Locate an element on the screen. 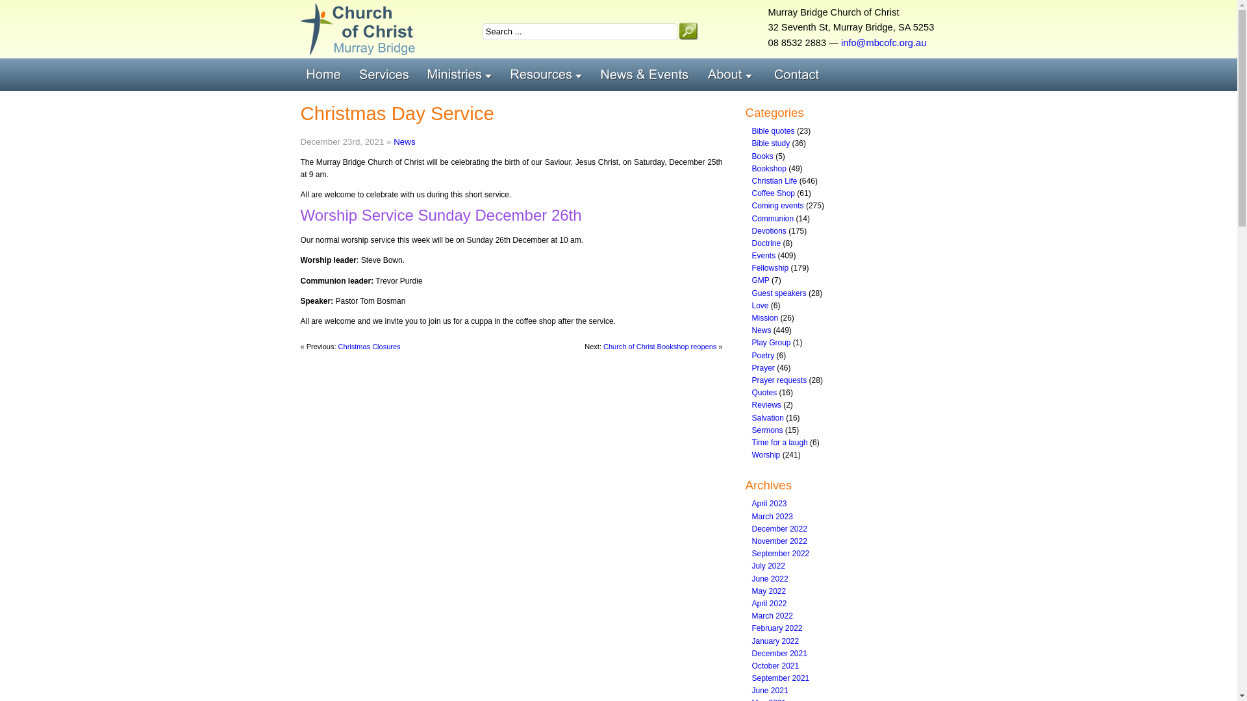 The width and height of the screenshot is (1247, 701). 'News' is located at coordinates (403, 141).